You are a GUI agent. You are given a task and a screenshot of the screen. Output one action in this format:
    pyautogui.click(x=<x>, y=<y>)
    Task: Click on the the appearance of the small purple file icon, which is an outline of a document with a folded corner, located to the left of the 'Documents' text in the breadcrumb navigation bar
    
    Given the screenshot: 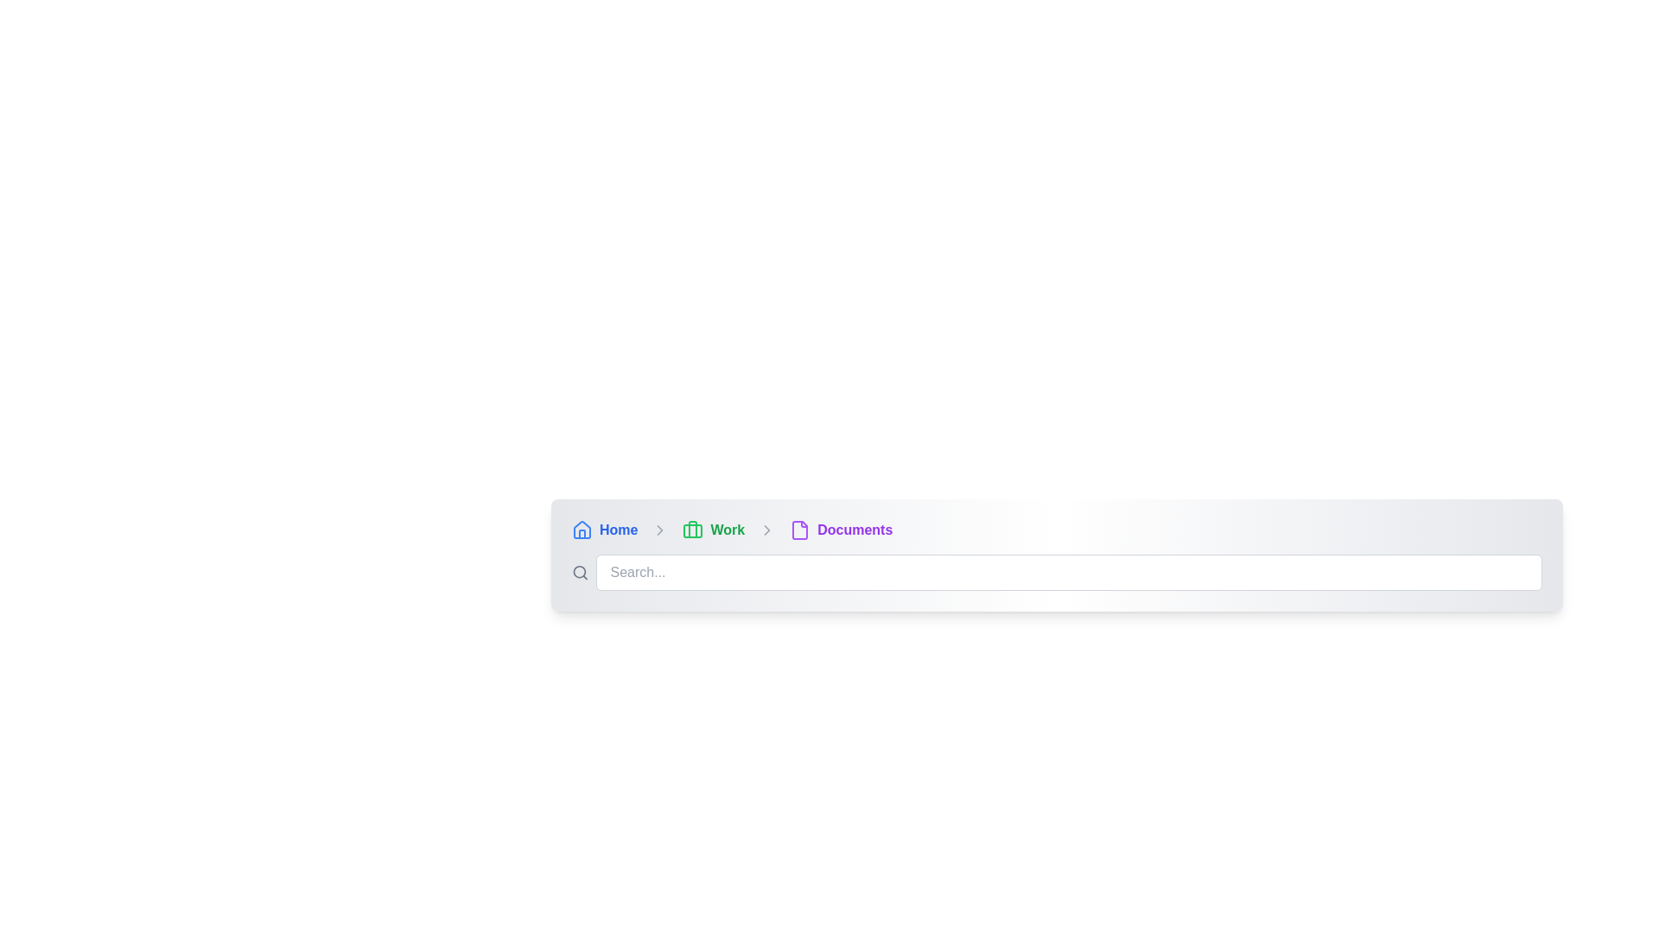 What is the action you would take?
    pyautogui.click(x=799, y=529)
    